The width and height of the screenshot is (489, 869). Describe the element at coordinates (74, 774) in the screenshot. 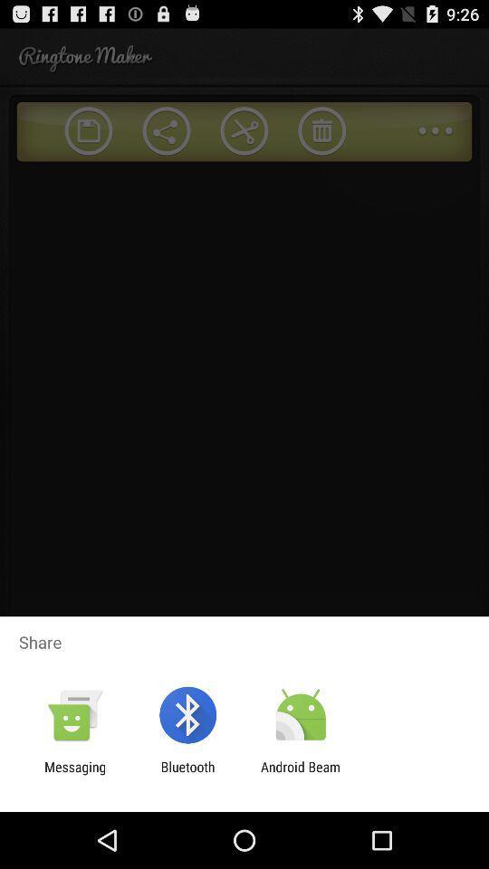

I see `the messaging` at that location.